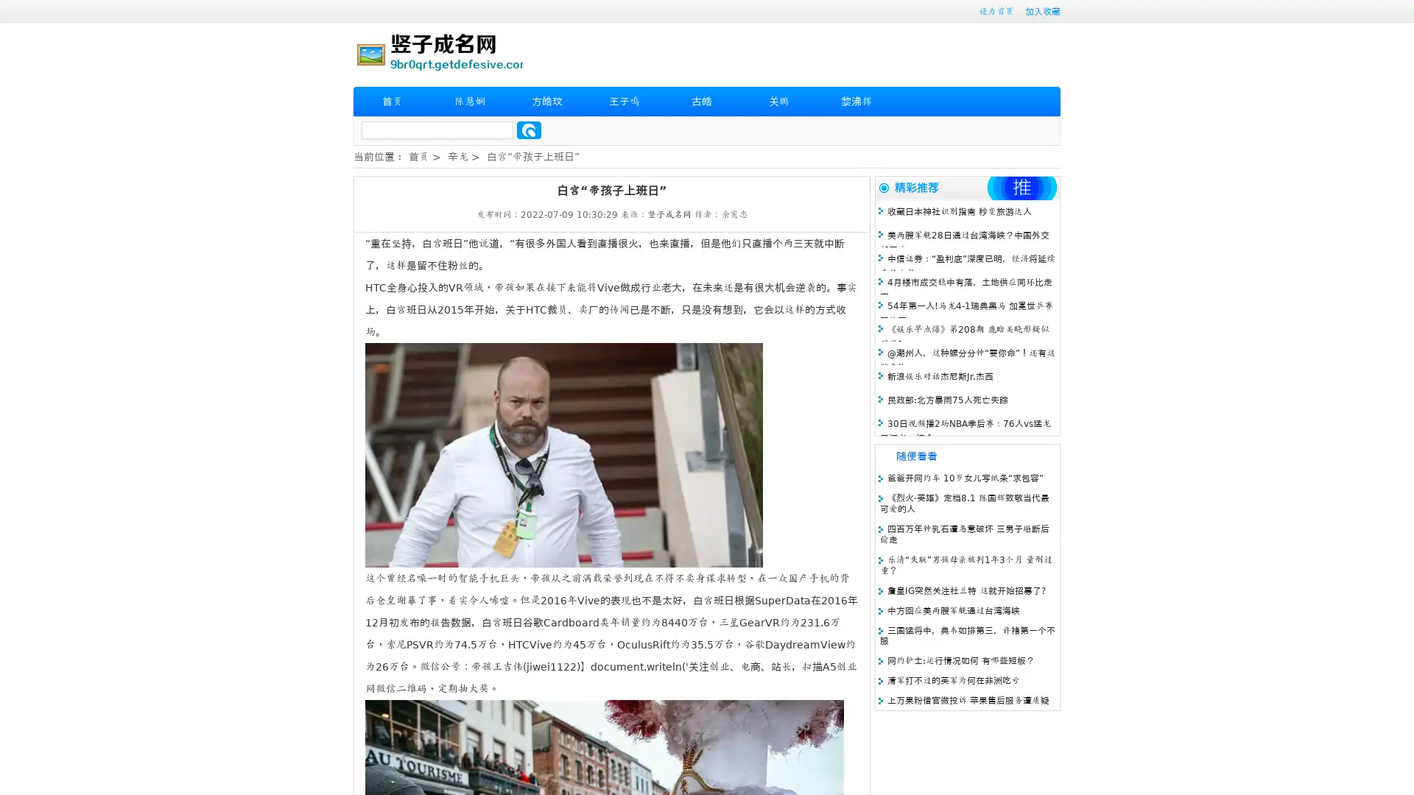  Describe the element at coordinates (529, 130) in the screenshot. I see `Search` at that location.